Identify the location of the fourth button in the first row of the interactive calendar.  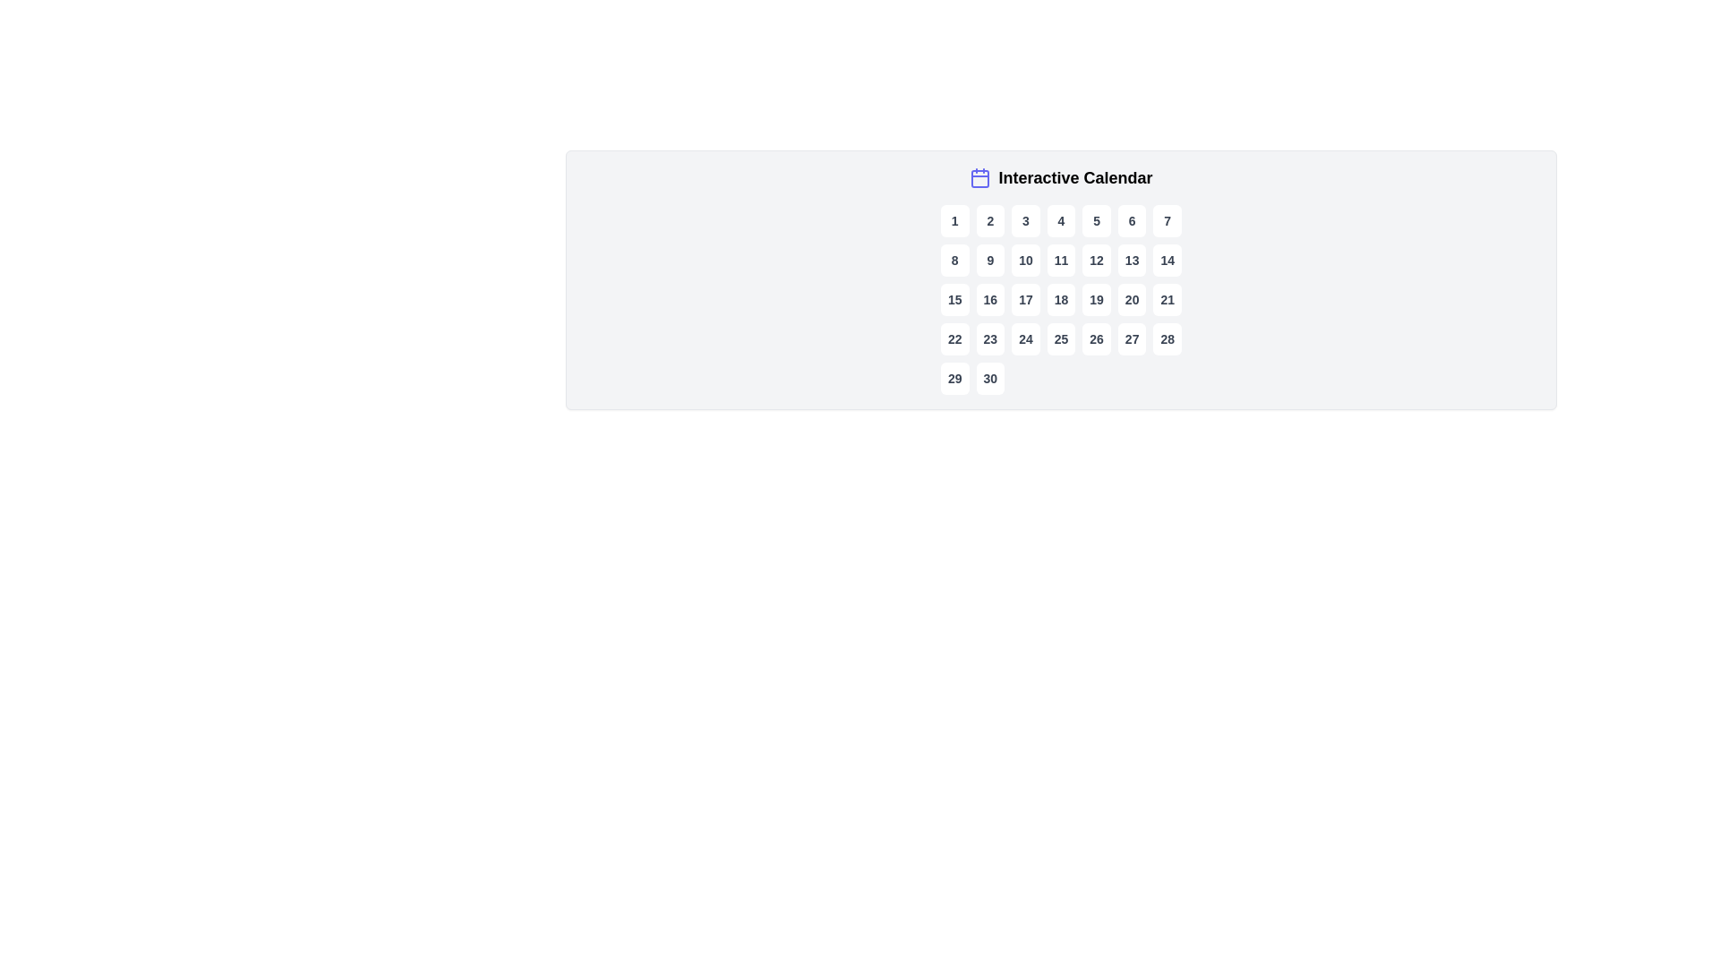
(1061, 219).